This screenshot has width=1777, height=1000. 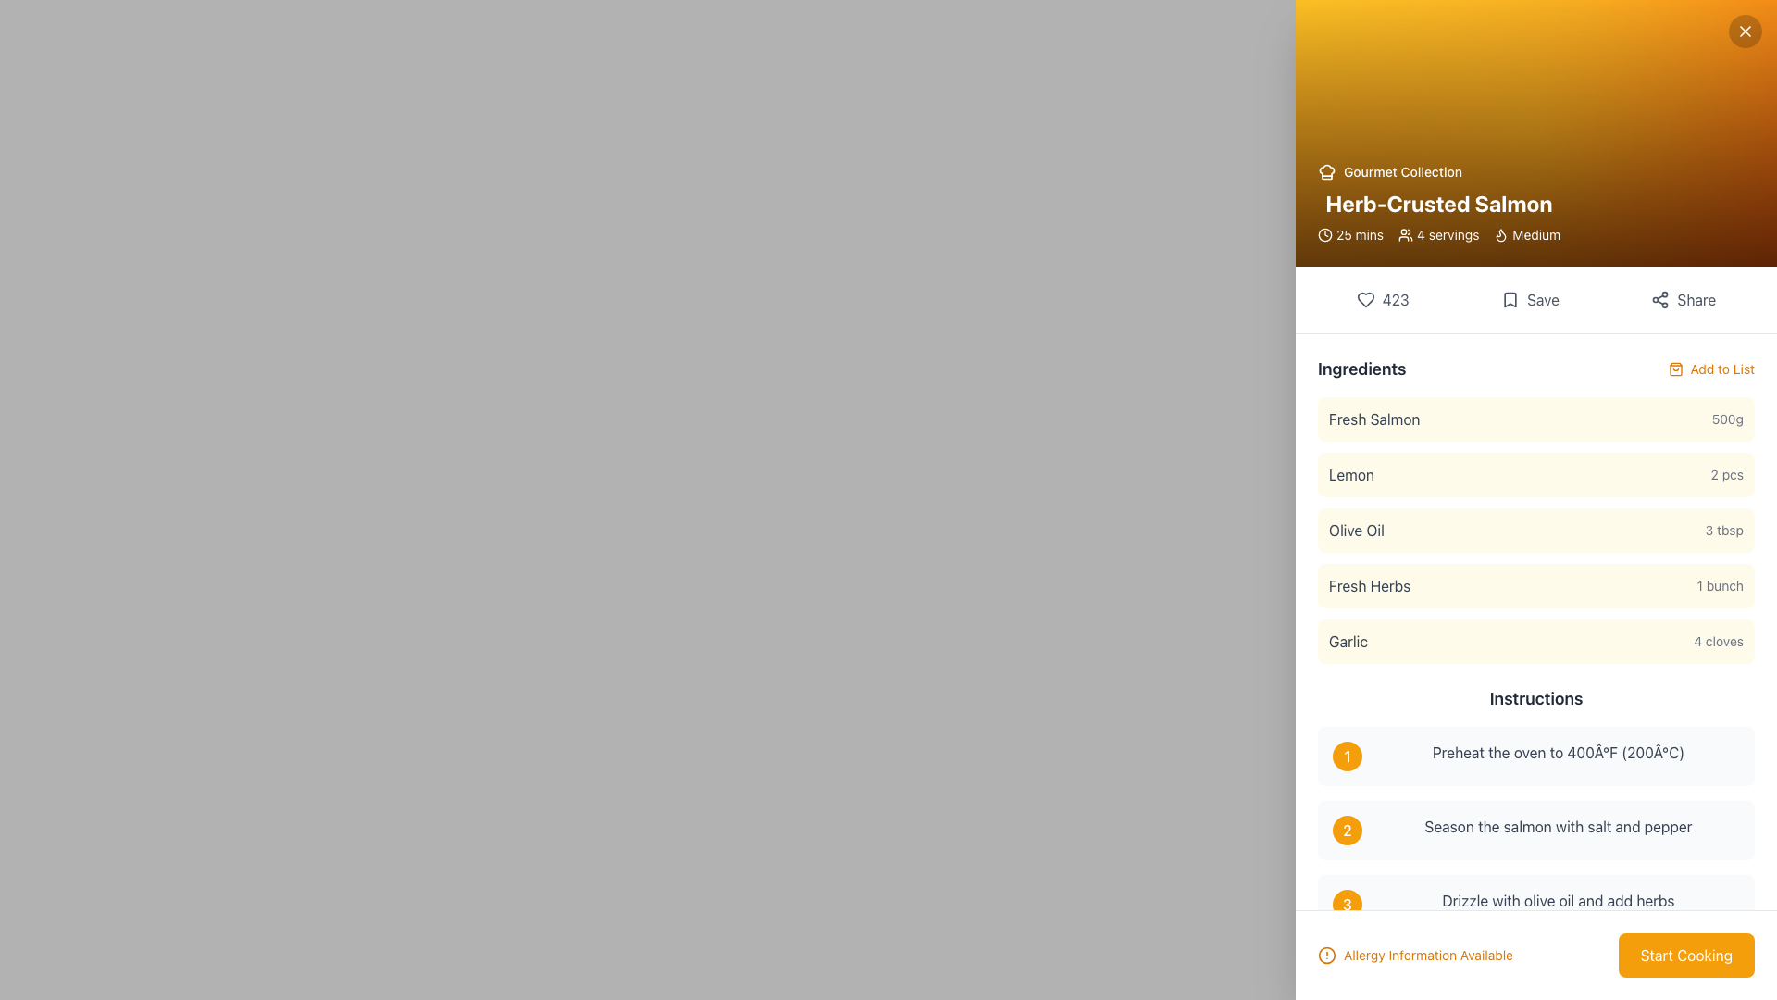 What do you see at coordinates (1447, 234) in the screenshot?
I see `the text label element reading '4 servings' located near the top section of the page, adjacent to preparation time and cooking difficulty descriptions` at bounding box center [1447, 234].